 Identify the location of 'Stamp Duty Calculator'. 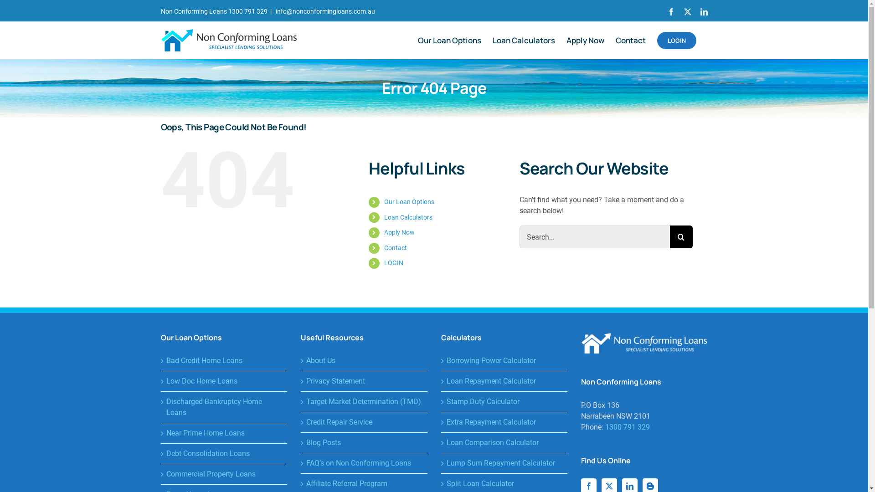
(504, 401).